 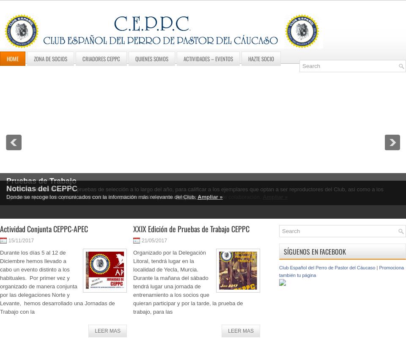 I want to click on 'Organizado por la Delegación Litoral, tendrá lugar en la localidad de Yecla, Murcia. Durante la mañana del sábado tendrá lugar una jornada de entrenamiento a los socios que quieran participar y por la tarde, la prueba de trabajo, para las', so click(x=188, y=282).